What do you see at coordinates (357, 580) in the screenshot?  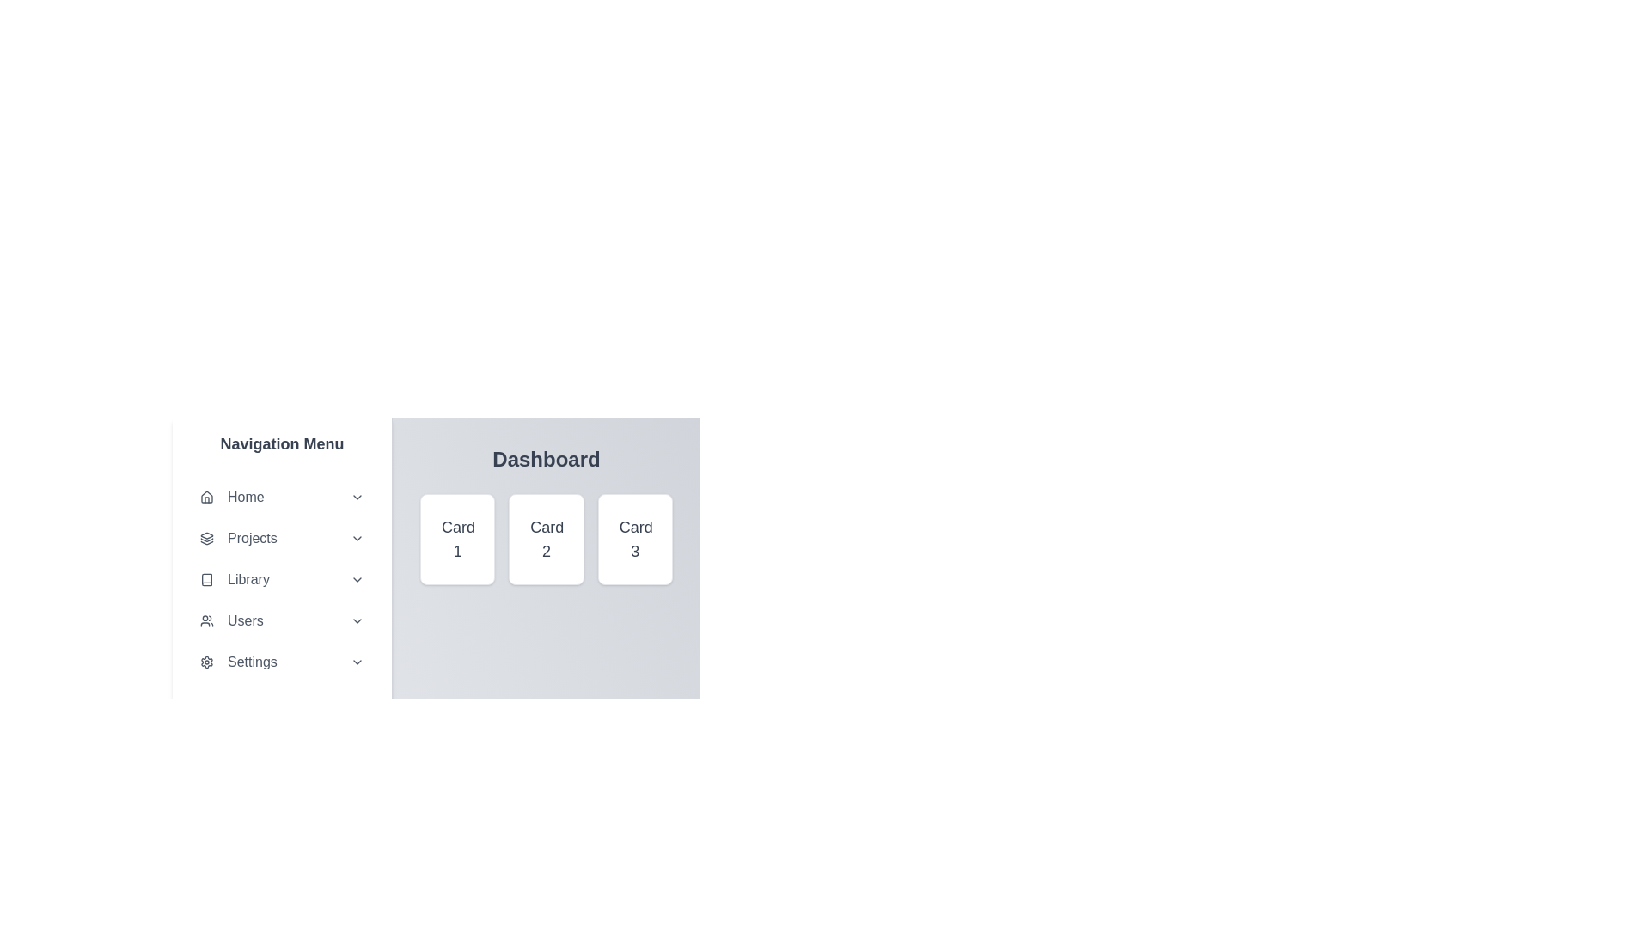 I see `the downward-pointing chevron icon located to the right of the text 'Library'` at bounding box center [357, 580].